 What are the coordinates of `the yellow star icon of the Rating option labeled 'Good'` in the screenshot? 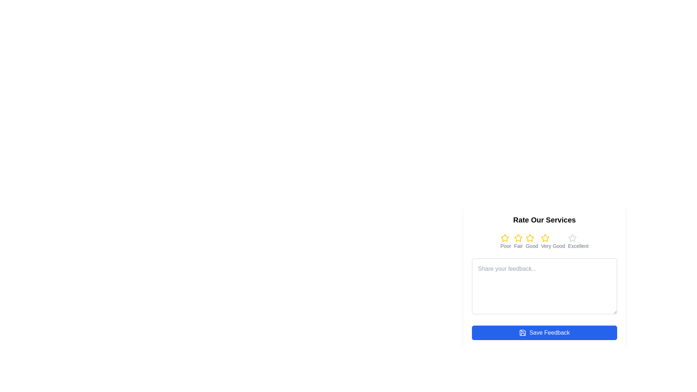 It's located at (532, 242).